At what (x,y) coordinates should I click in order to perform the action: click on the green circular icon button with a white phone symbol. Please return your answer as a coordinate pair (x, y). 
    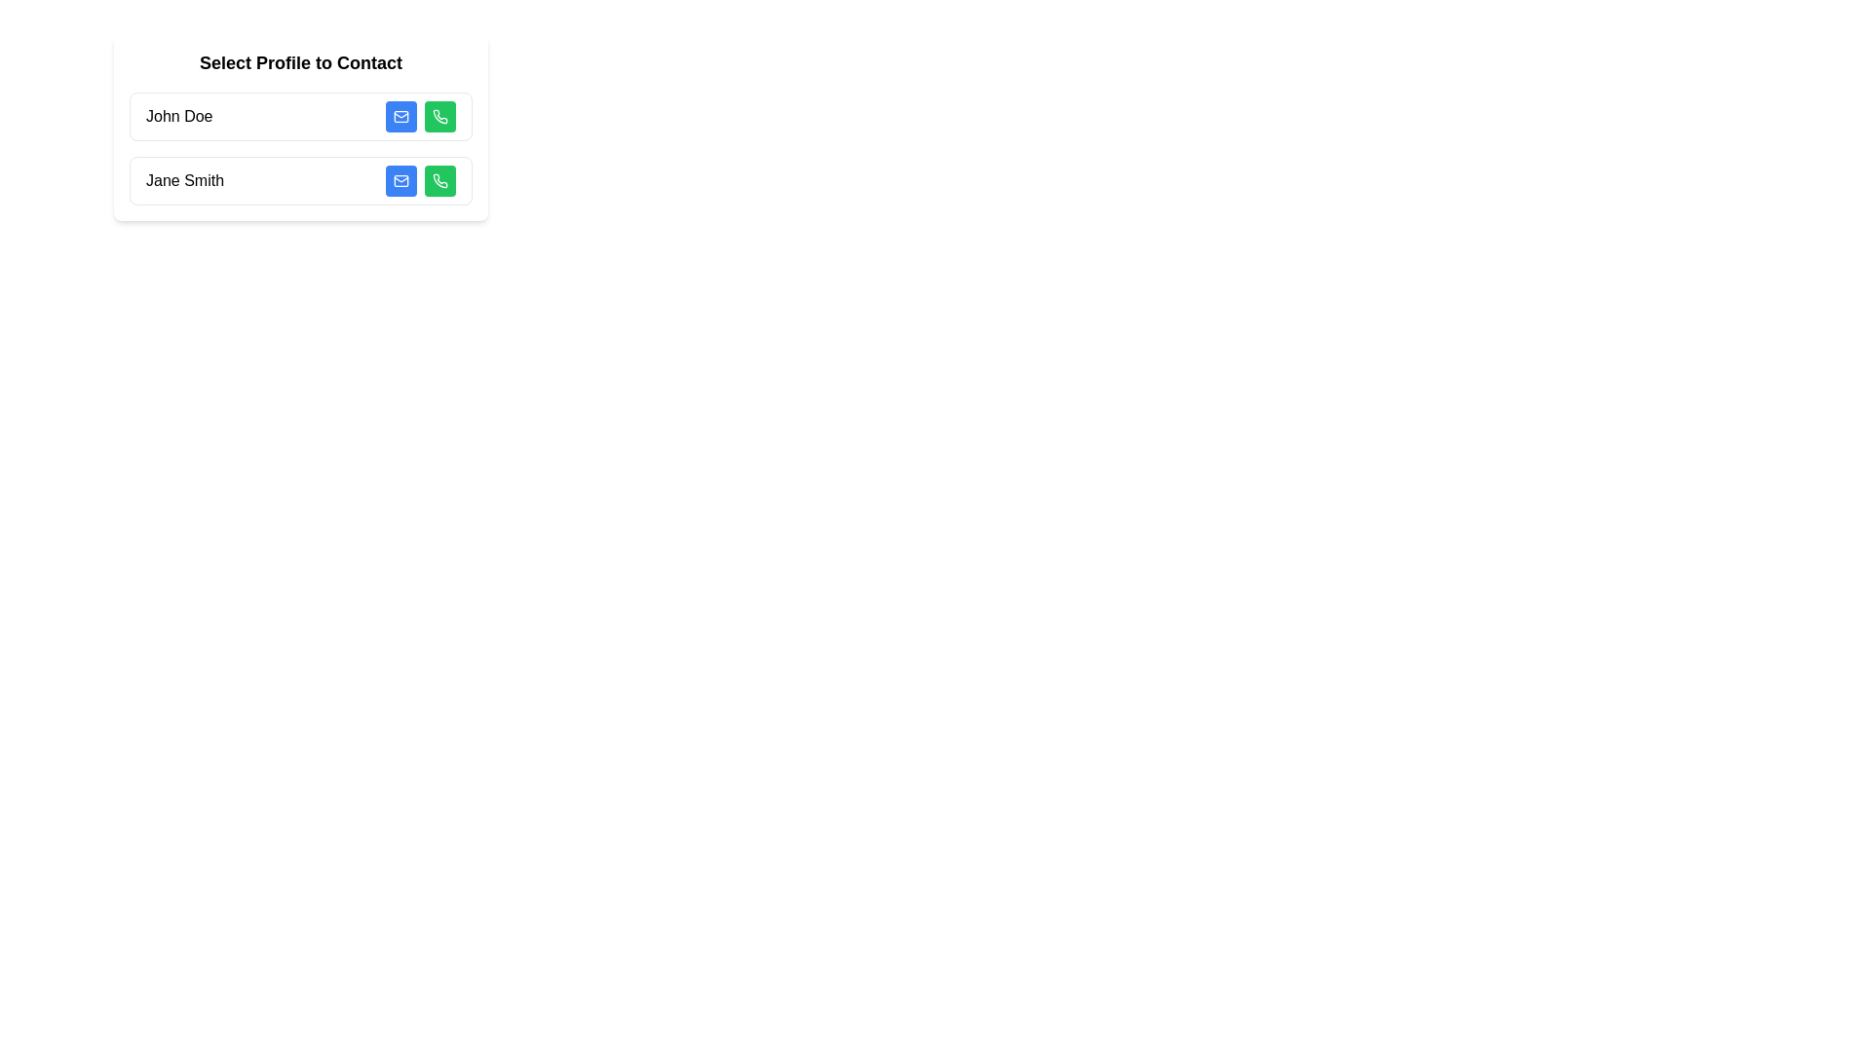
    Looking at the image, I should click on (439, 180).